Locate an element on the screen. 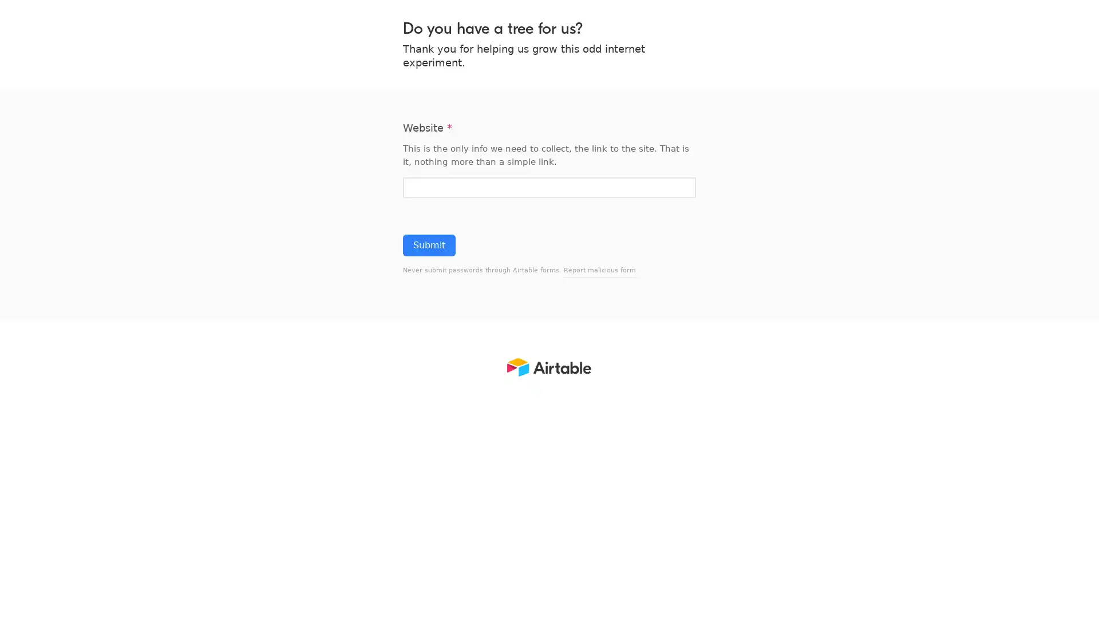 The height and width of the screenshot is (618, 1099). Submit is located at coordinates (428, 244).